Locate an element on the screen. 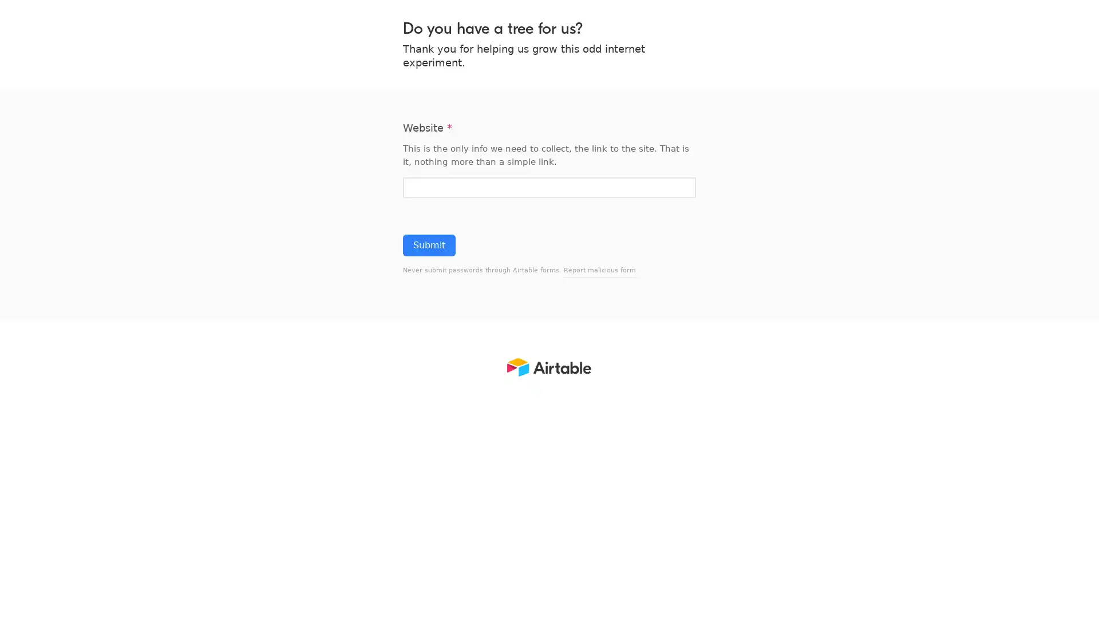 The height and width of the screenshot is (618, 1099). Submit is located at coordinates (428, 244).